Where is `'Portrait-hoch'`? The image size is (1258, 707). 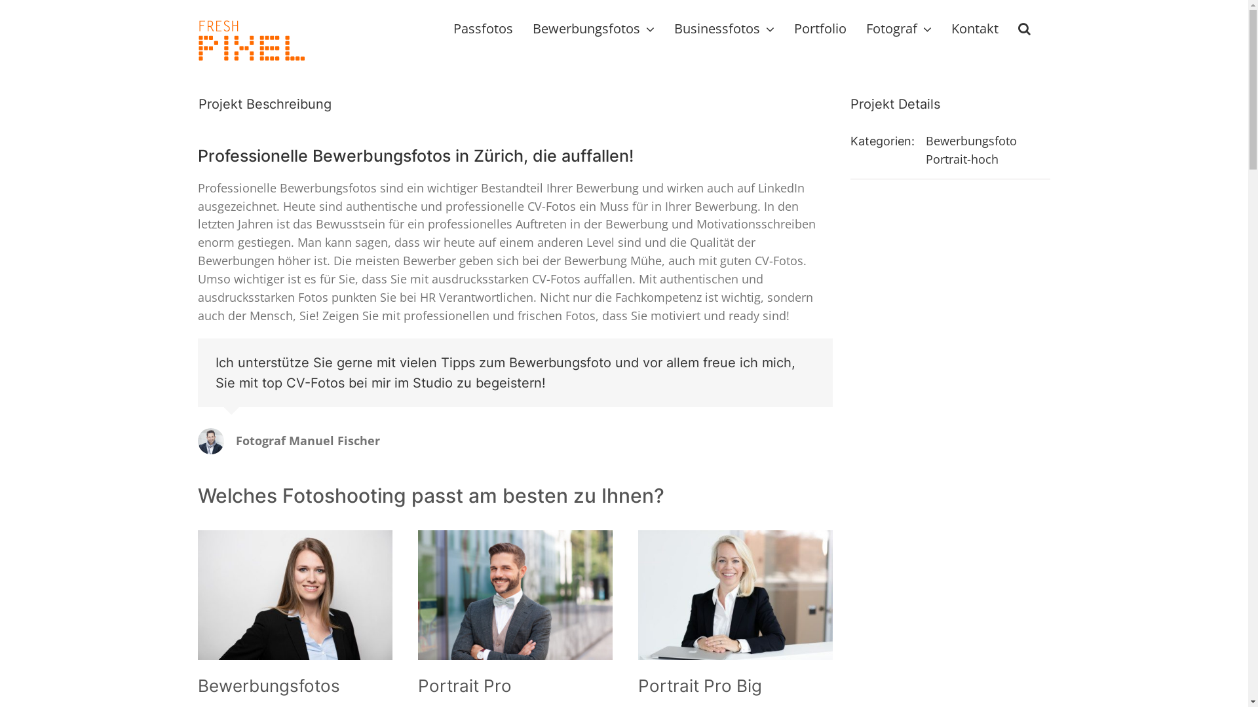
'Portrait-hoch' is located at coordinates (962, 158).